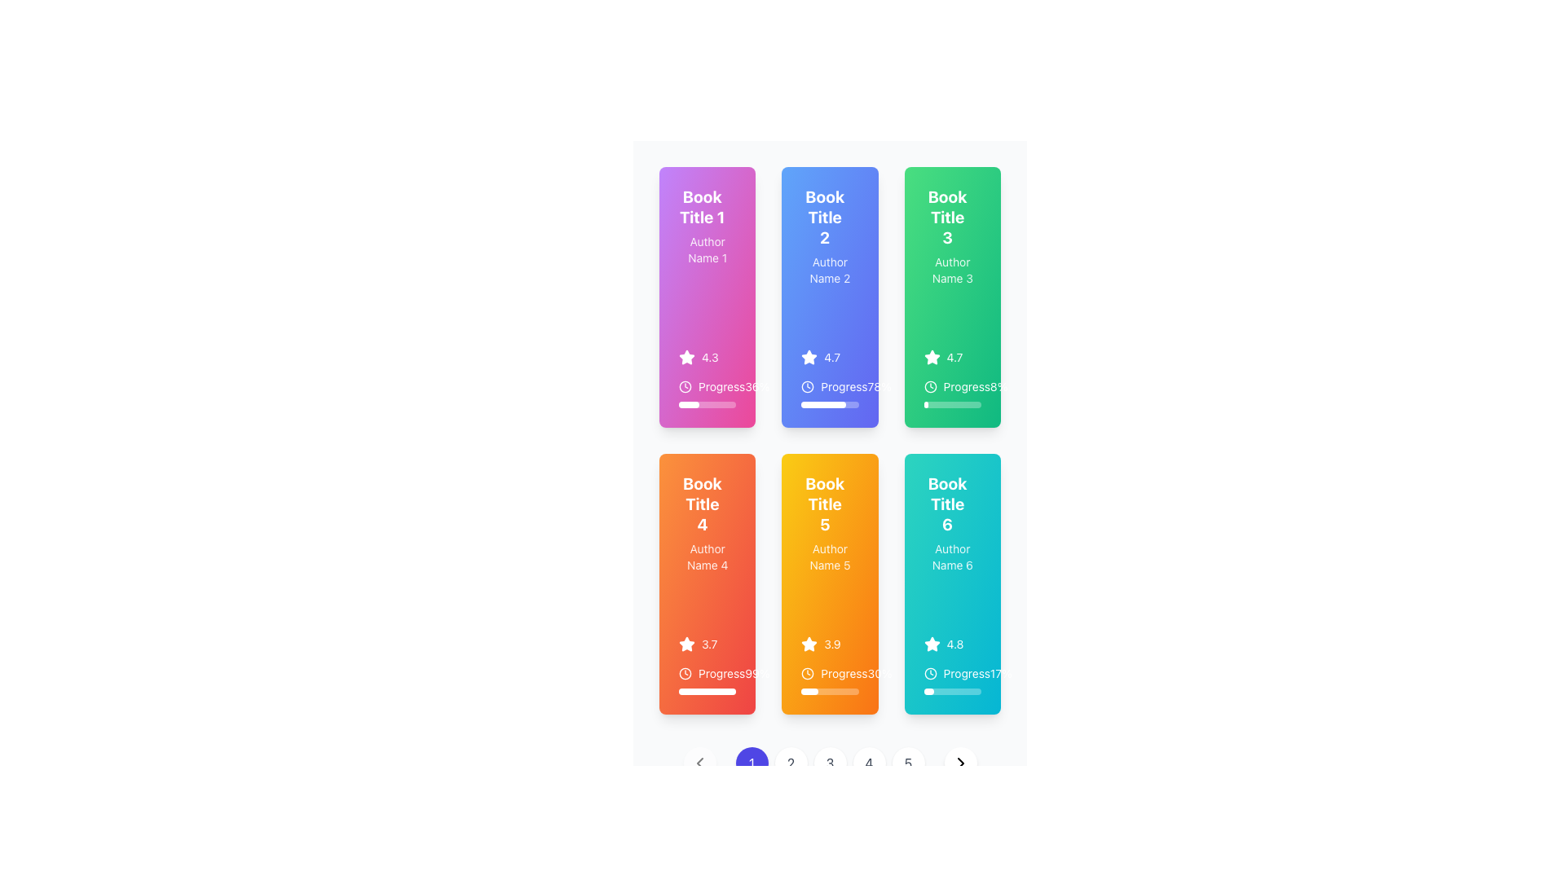 The height and width of the screenshot is (880, 1565). I want to click on properties of the label indicating completion status or progression located in the bottom section of the card labeled 'Book Title 6', to the right of the clock icon, so click(967, 673).